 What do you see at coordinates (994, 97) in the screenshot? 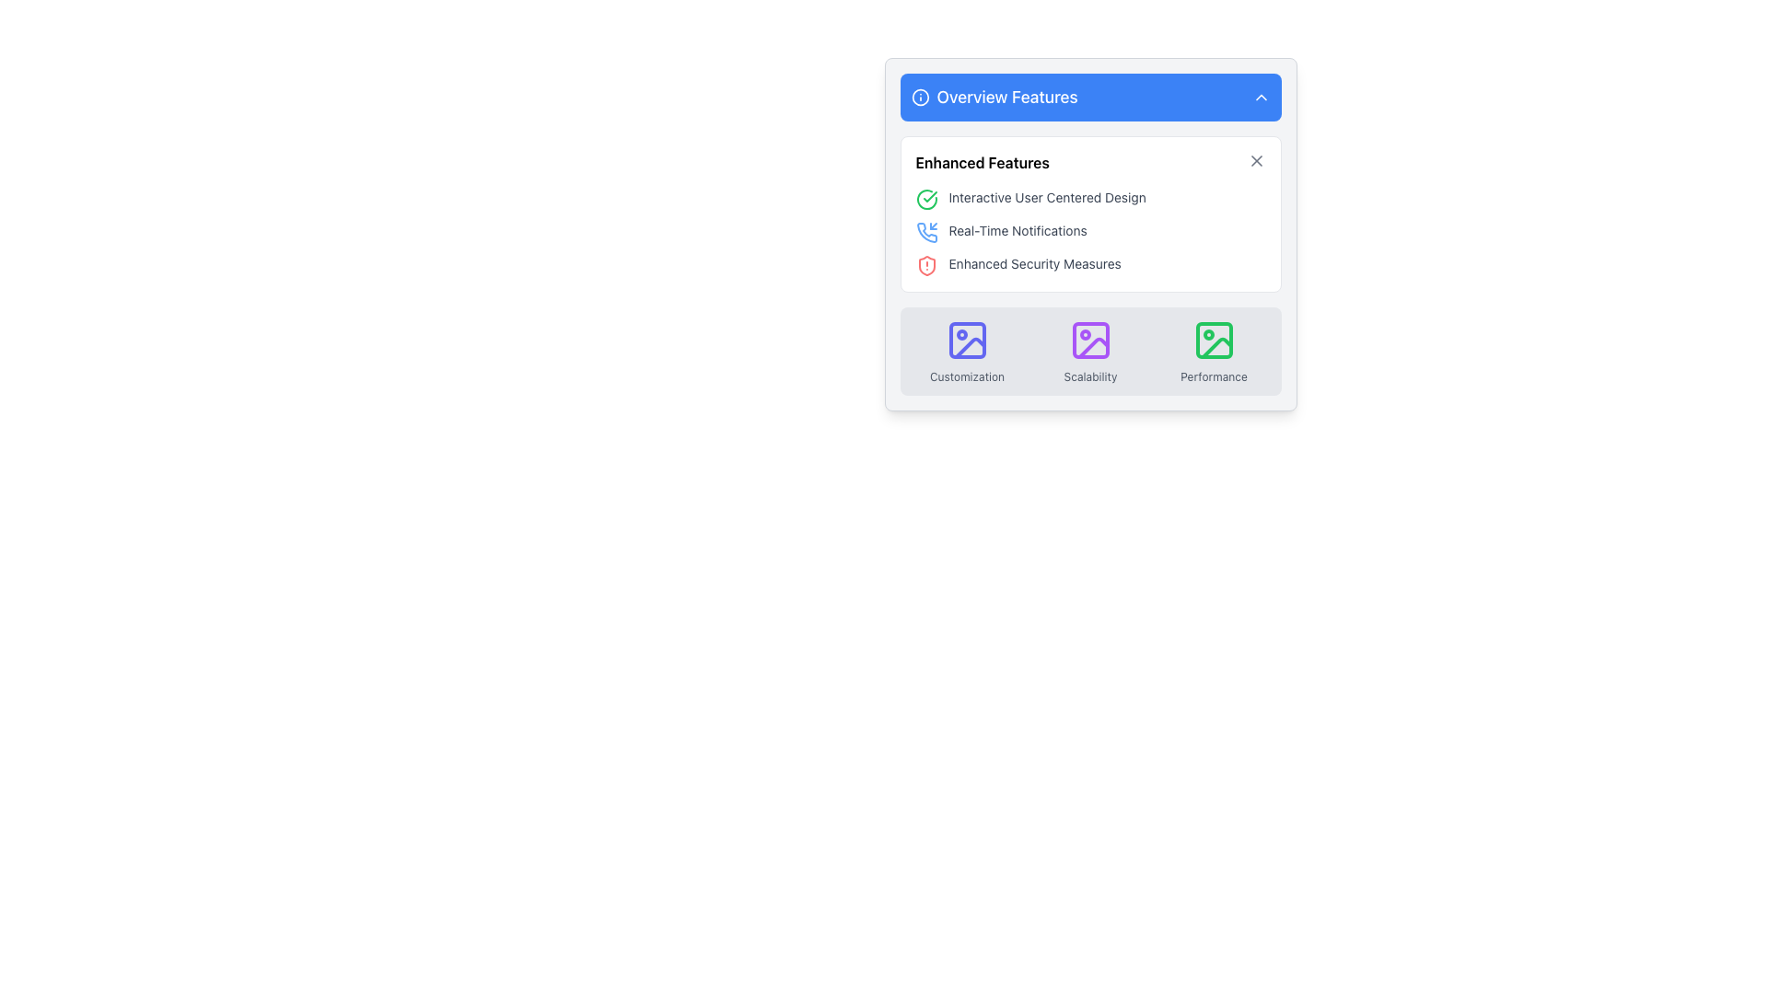
I see `text from the Label with icon that displays 'Overview Features', which is located at the leftmost section of the header group` at bounding box center [994, 97].